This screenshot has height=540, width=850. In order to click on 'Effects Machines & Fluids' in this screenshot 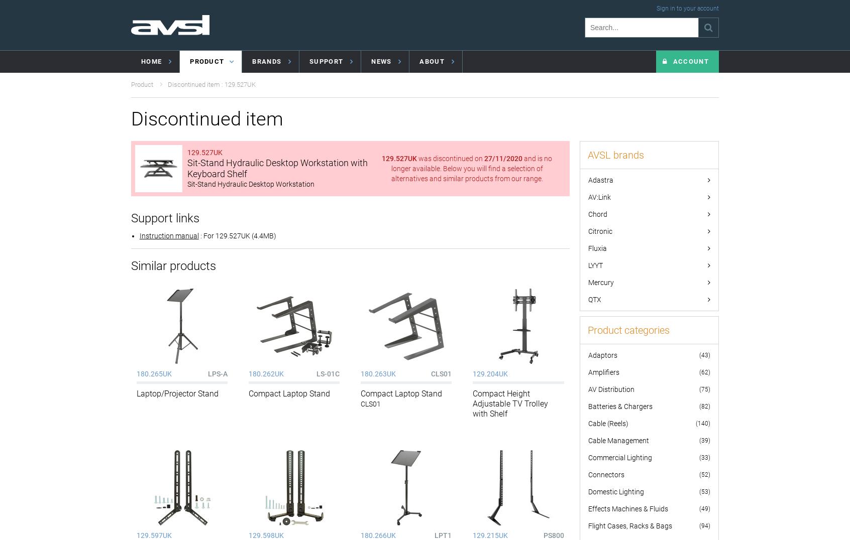, I will do `click(627, 507)`.